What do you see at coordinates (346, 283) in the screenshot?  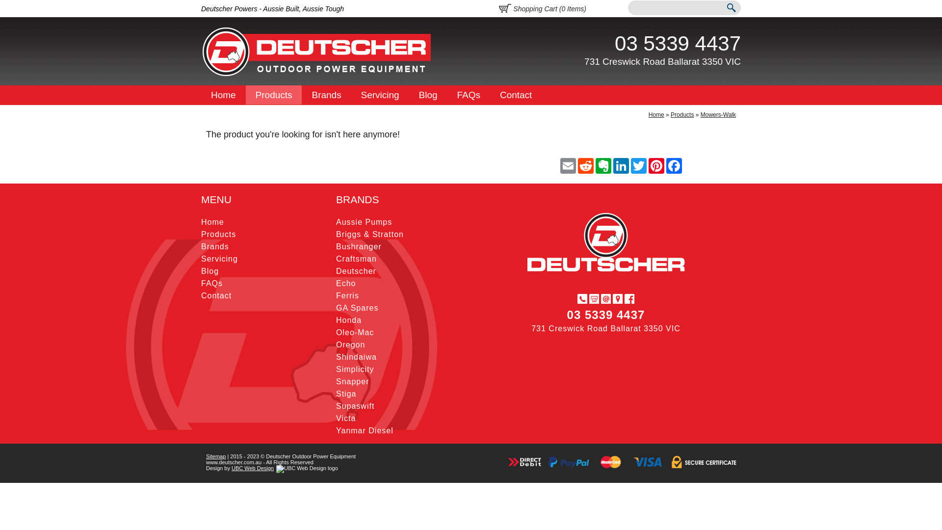 I see `'Echo'` at bounding box center [346, 283].